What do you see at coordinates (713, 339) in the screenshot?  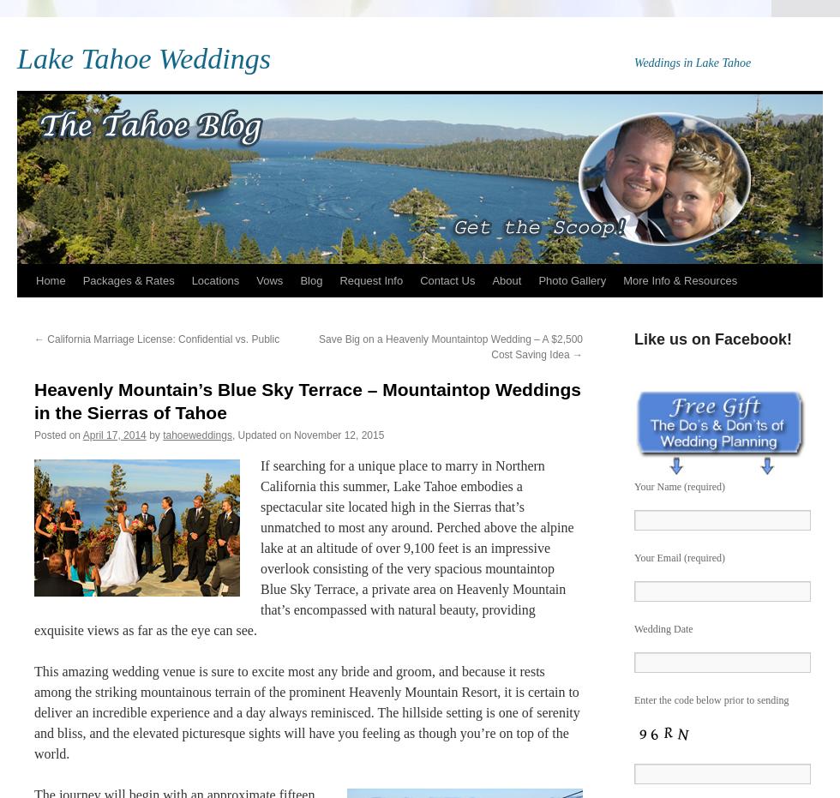 I see `'Like us on Facebook!'` at bounding box center [713, 339].